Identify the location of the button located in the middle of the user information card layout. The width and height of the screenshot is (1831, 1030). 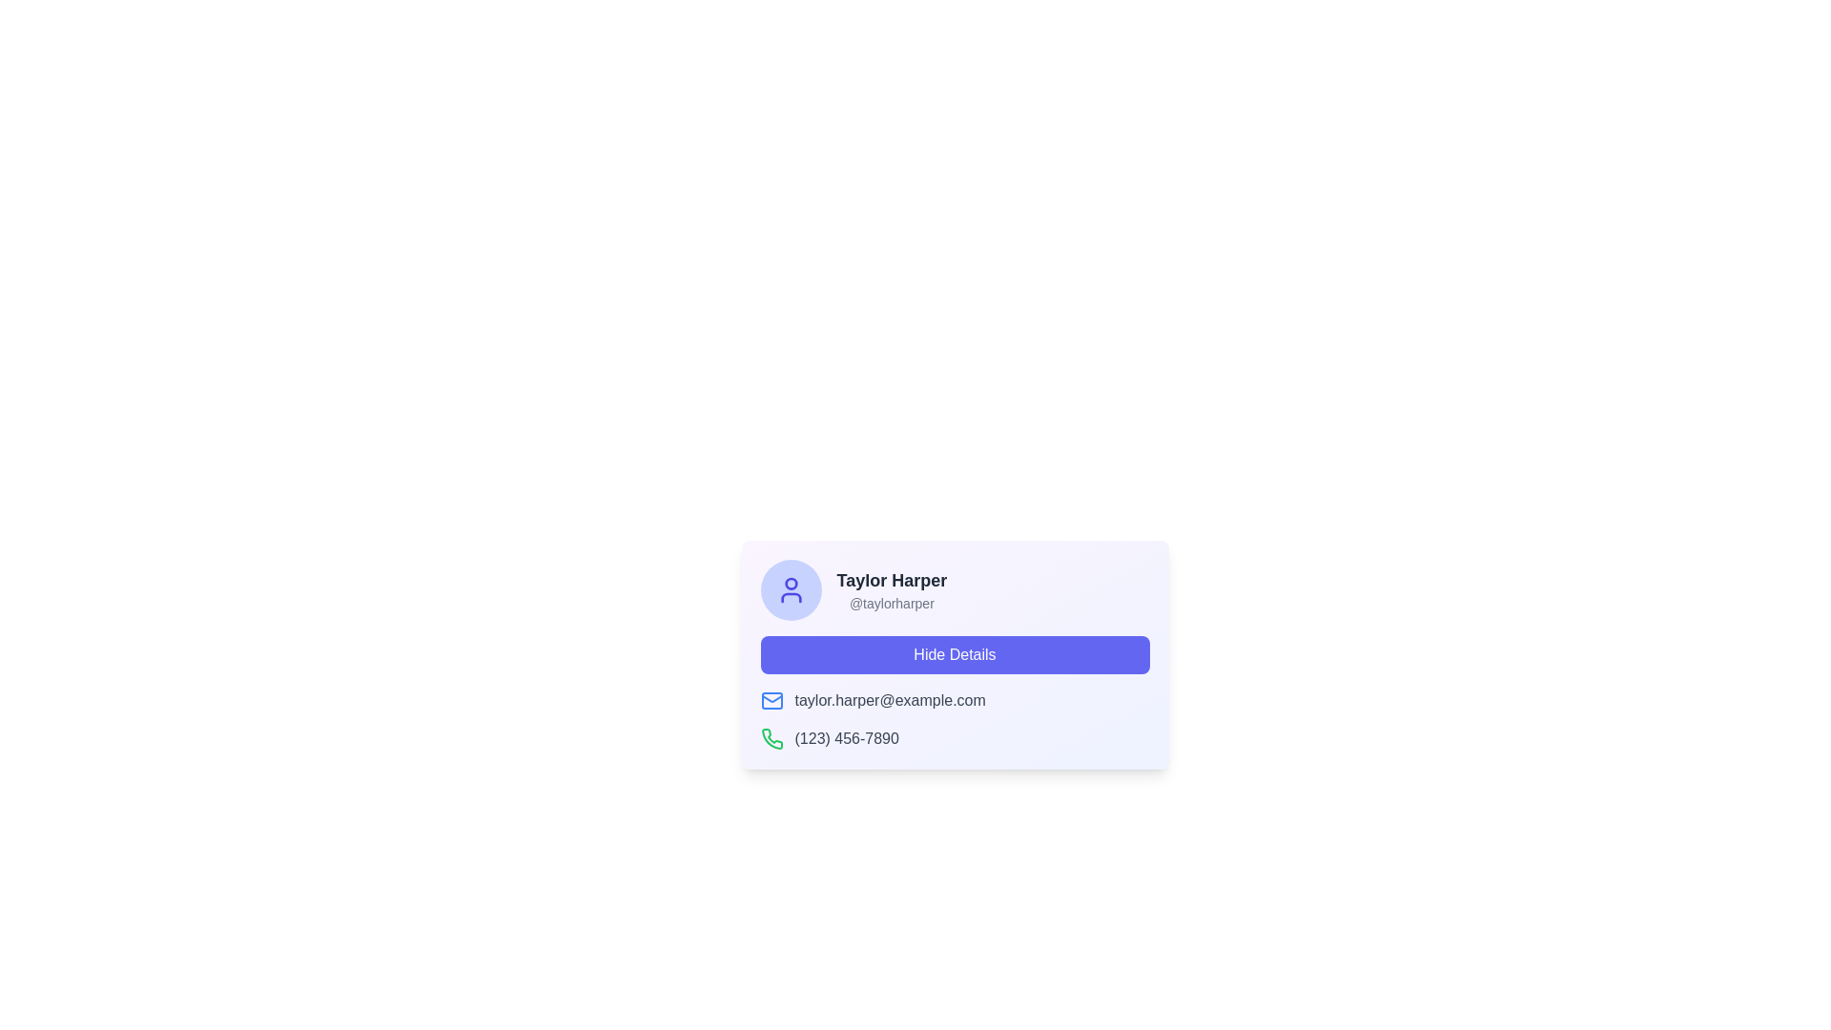
(955, 653).